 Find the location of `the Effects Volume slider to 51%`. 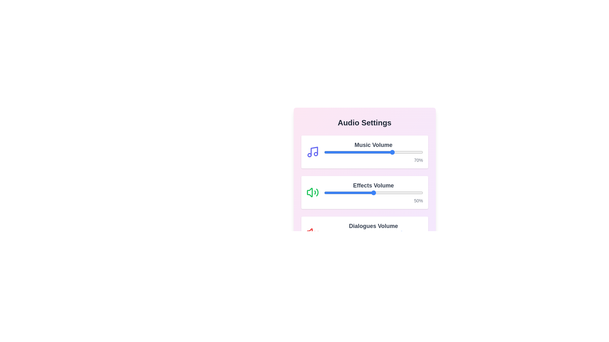

the Effects Volume slider to 51% is located at coordinates (374, 193).